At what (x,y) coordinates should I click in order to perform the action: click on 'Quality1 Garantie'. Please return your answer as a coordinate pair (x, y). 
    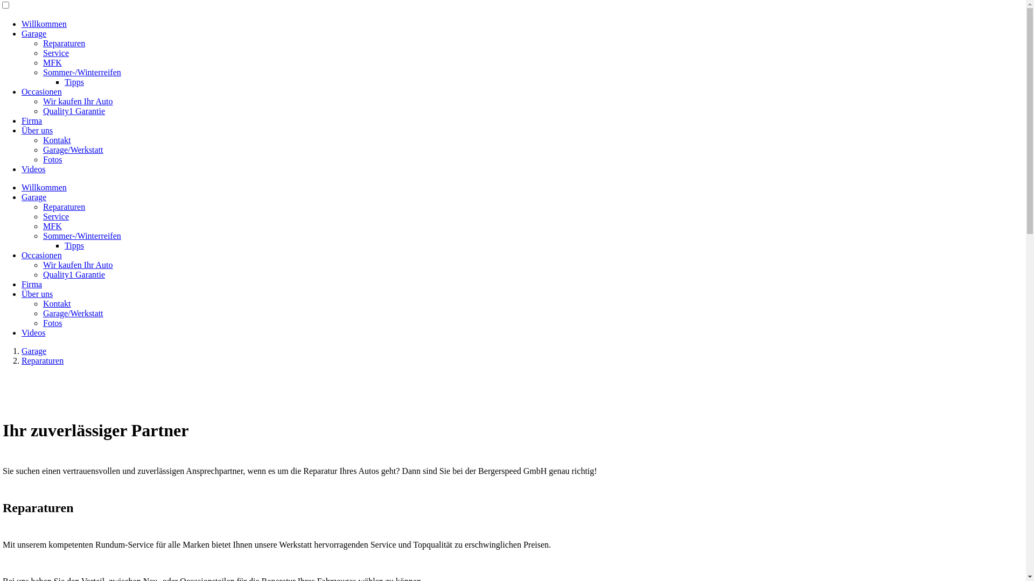
    Looking at the image, I should click on (73, 274).